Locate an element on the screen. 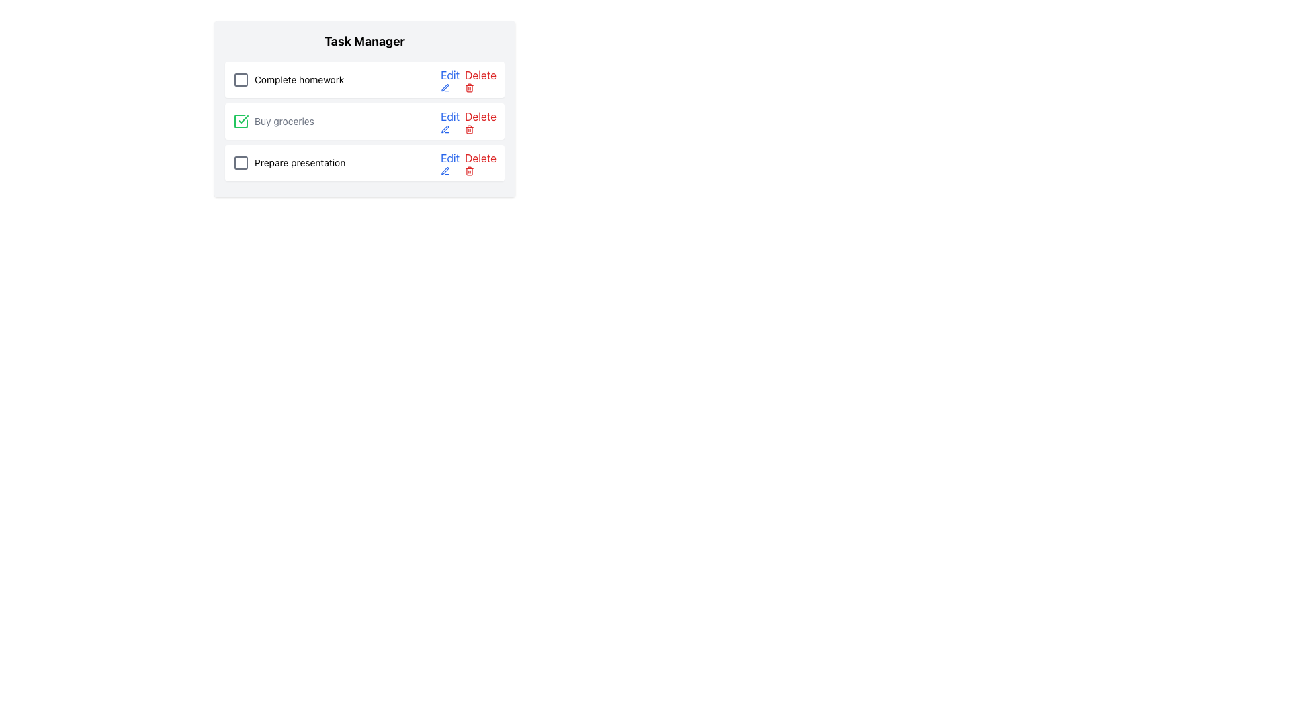 Image resolution: width=1290 pixels, height=725 pixels. the checkbox for the task 'Complete homework', which is the first visual component aligned to the left of the text label is located at coordinates (241, 80).